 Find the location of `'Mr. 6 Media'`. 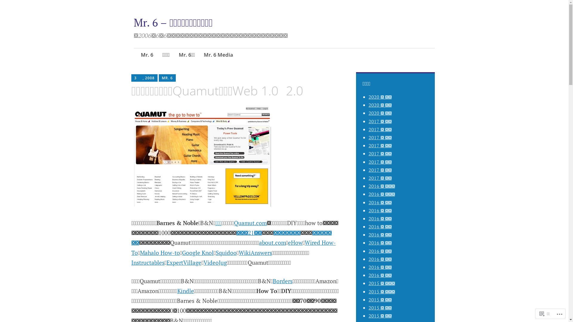

'Mr. 6 Media' is located at coordinates (204, 55).